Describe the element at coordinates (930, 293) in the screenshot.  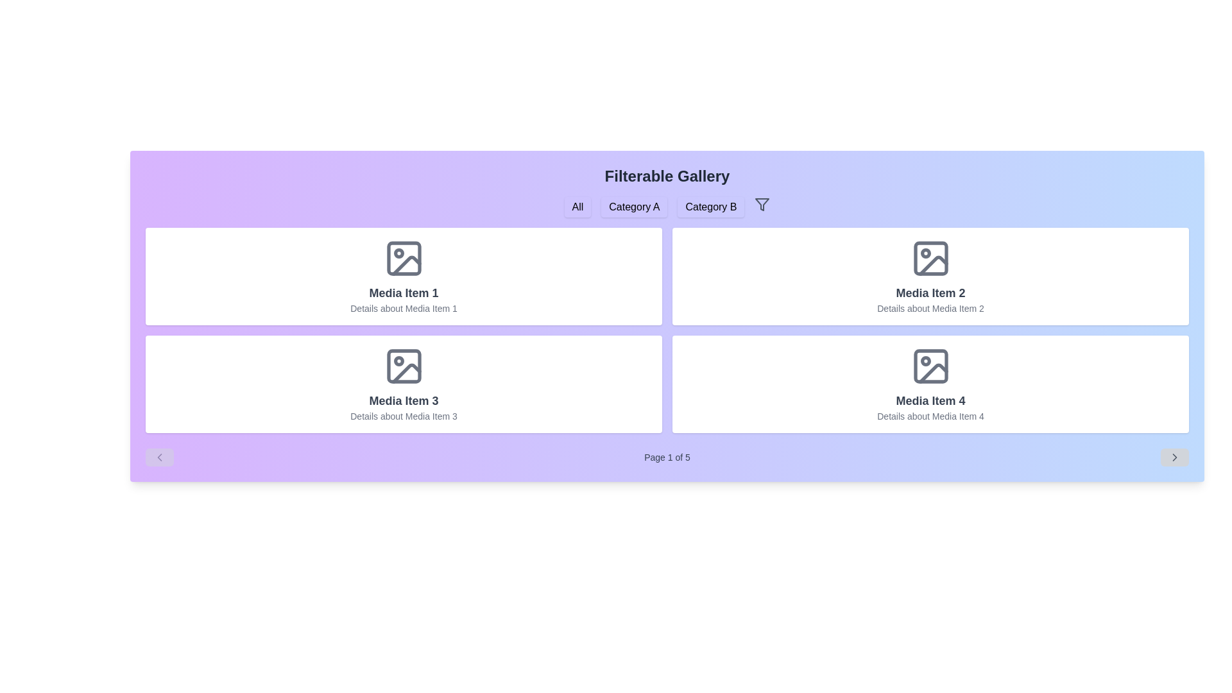
I see `the text label displaying 'Media Item 2' which is part of the second media card in the upper row of the grid layout` at that location.